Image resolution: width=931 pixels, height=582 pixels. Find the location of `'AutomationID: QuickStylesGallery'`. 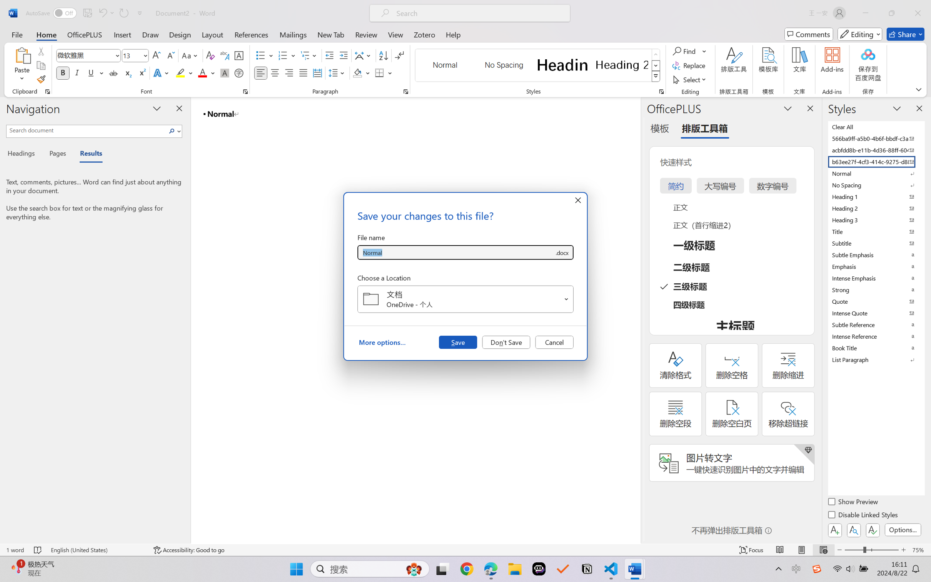

'AutomationID: QuickStylesGallery' is located at coordinates (537, 65).